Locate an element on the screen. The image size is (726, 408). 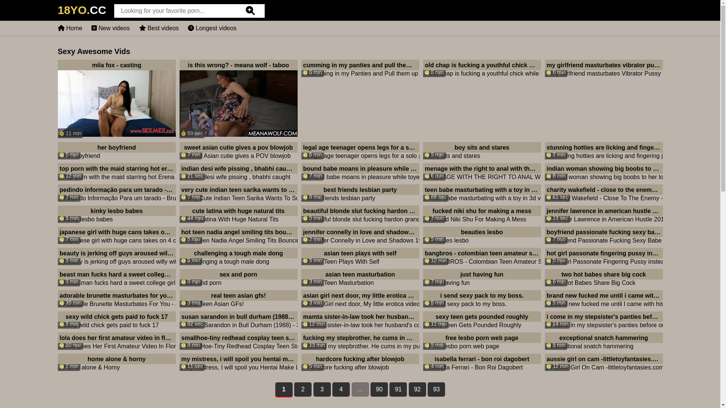
'59 sec is located at coordinates (237, 99).